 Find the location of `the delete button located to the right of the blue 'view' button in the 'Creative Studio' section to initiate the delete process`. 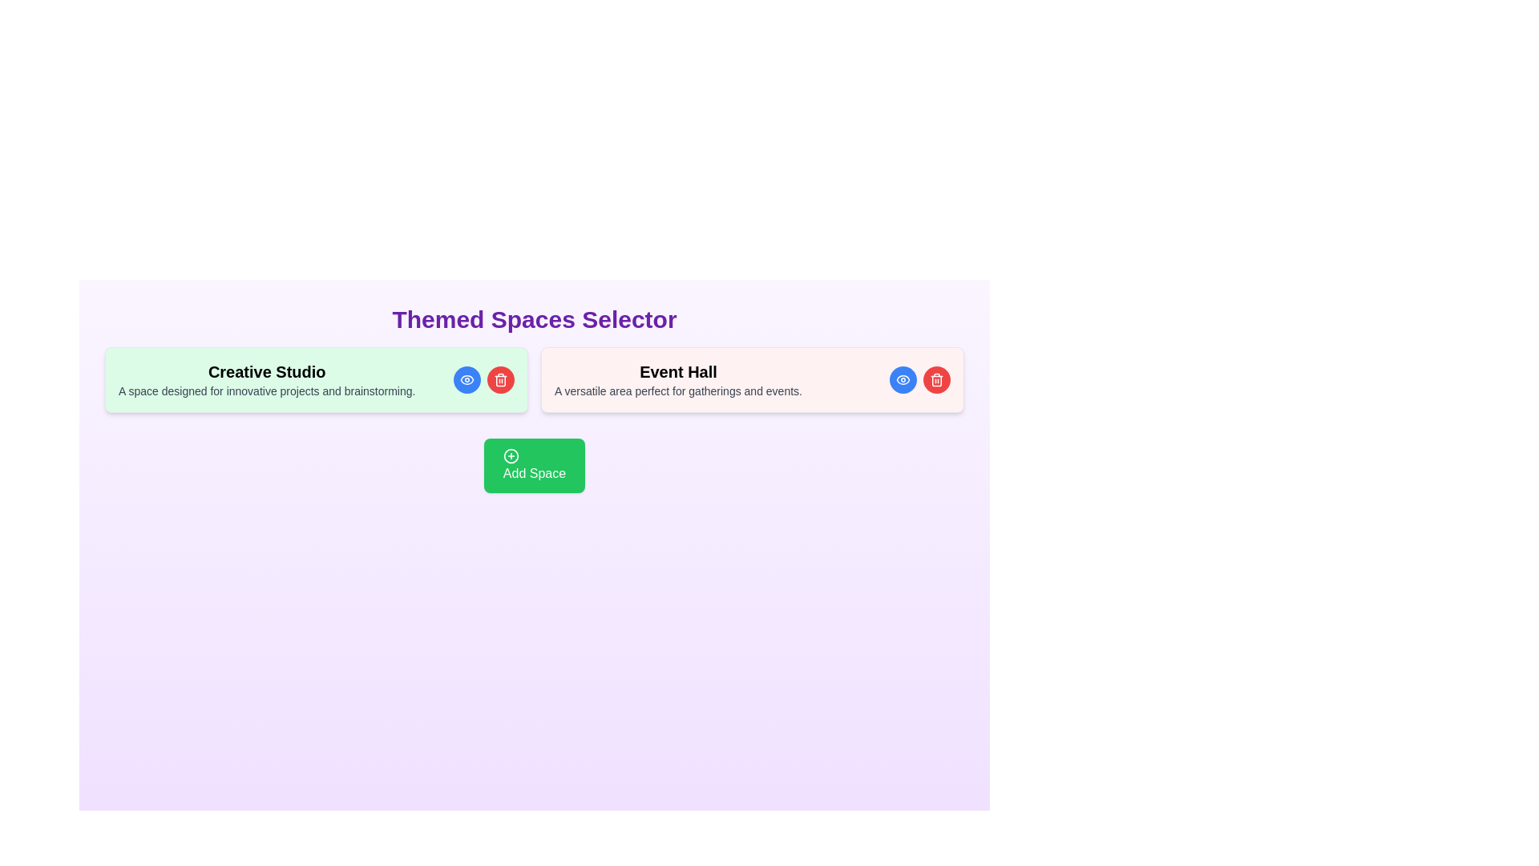

the delete button located to the right of the blue 'view' button in the 'Creative Studio' section to initiate the delete process is located at coordinates (499, 380).